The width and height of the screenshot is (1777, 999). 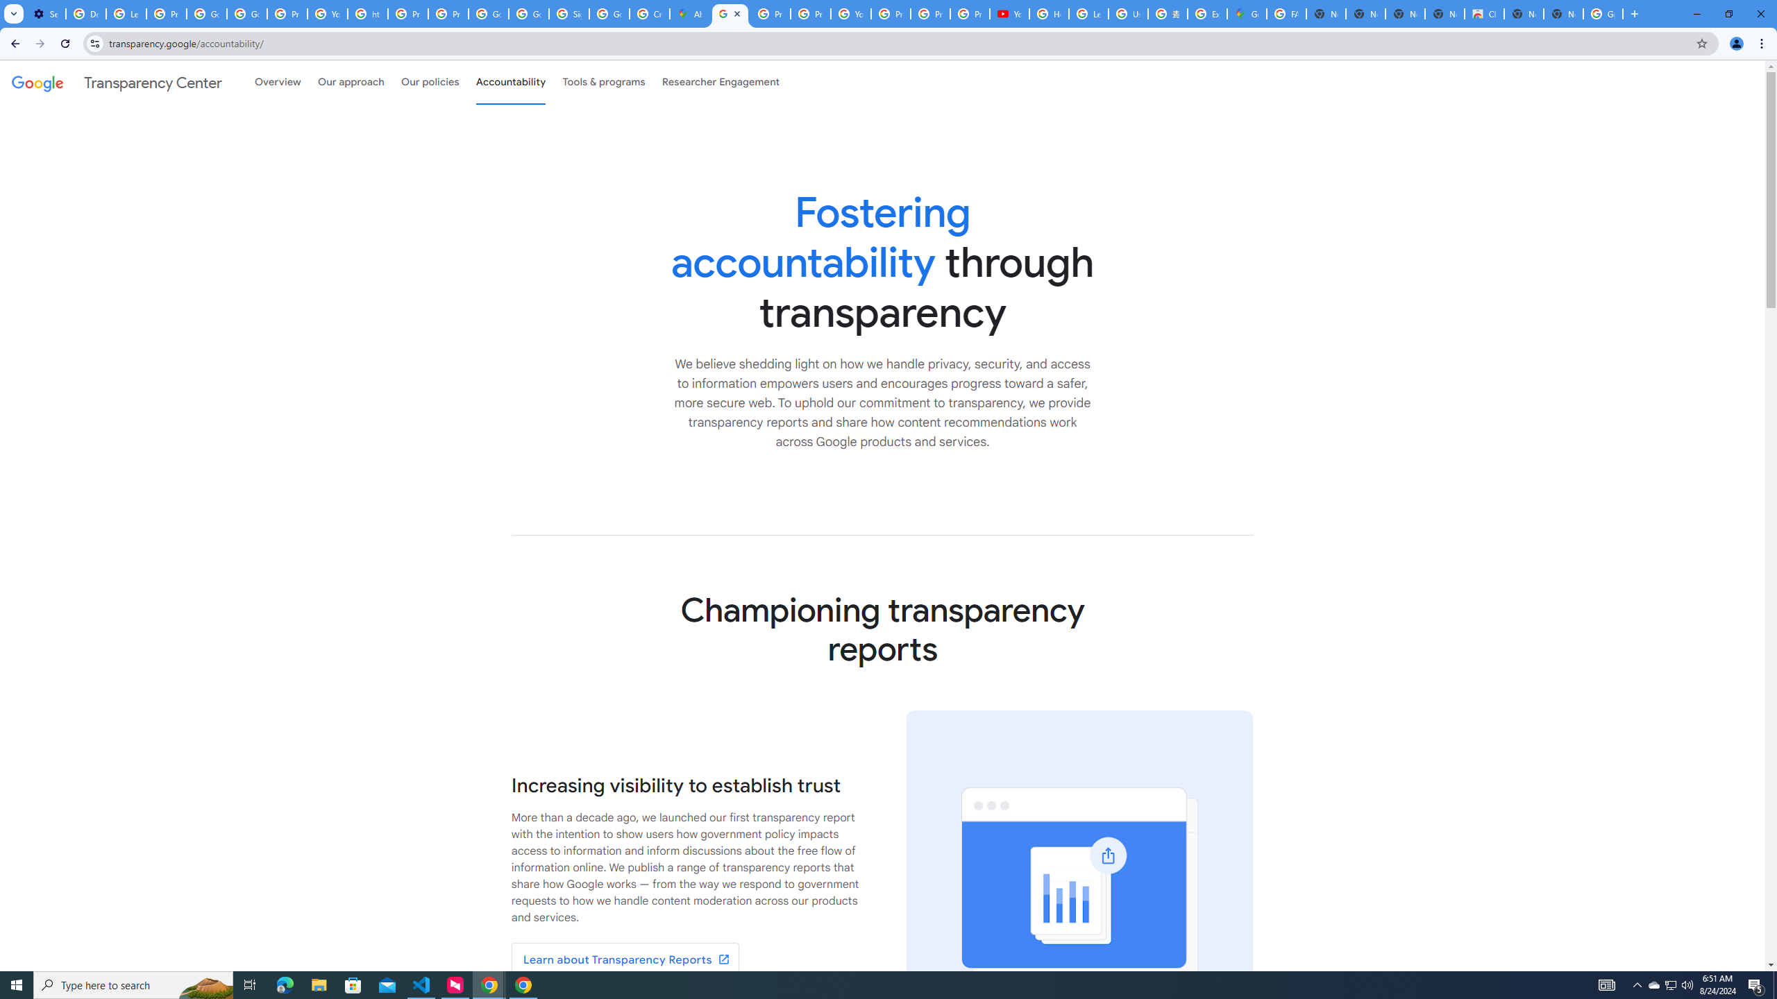 I want to click on 'Chrome Web Store', so click(x=1483, y=13).